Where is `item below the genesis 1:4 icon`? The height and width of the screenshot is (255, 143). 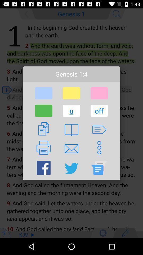
item below the genesis 1:4 icon is located at coordinates (99, 93).